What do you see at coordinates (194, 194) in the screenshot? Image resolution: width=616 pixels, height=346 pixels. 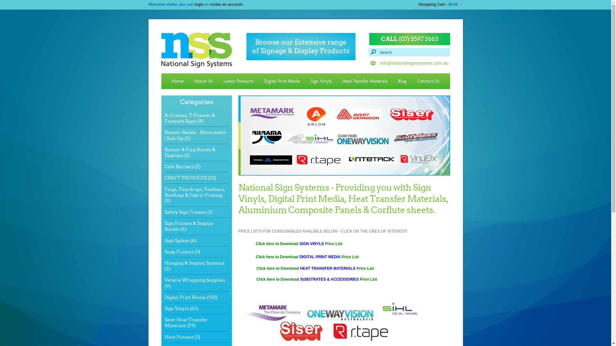 I see `'Flags, Teardrops, Feathers, Bowflags & Fabric Printing (9)'` at bounding box center [194, 194].